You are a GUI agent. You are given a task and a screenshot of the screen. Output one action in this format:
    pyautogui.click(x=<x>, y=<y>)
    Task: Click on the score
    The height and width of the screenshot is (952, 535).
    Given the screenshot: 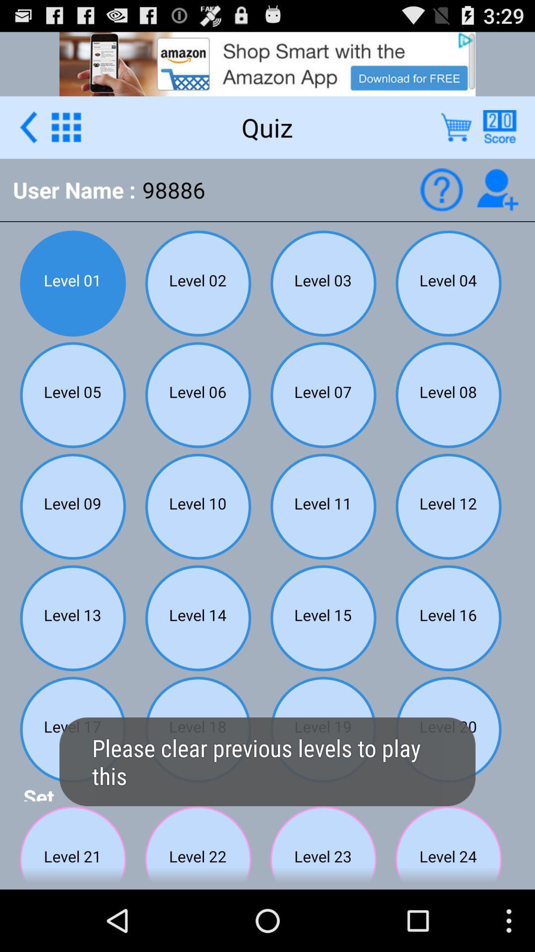 What is the action you would take?
    pyautogui.click(x=499, y=126)
    